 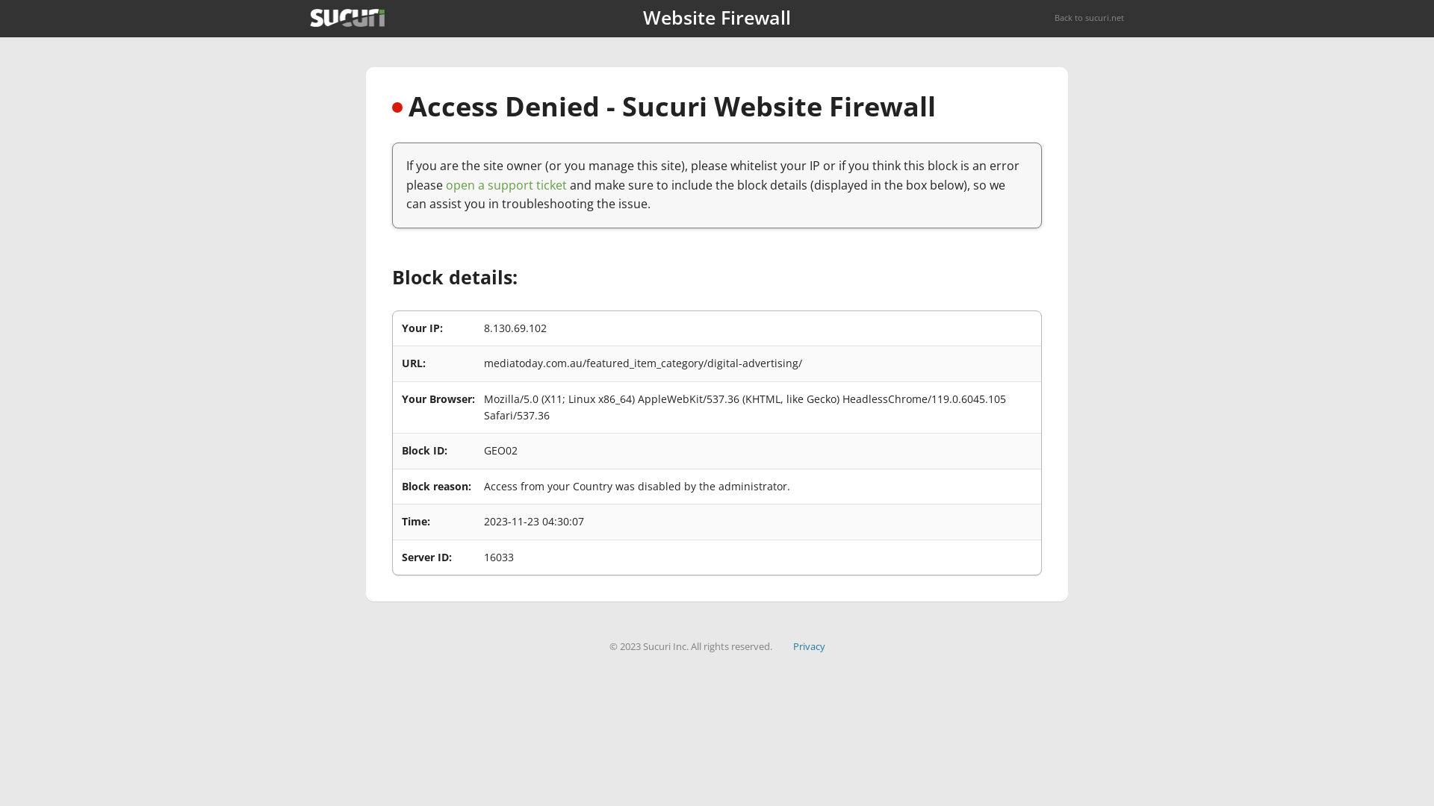 I want to click on 'open a support ticket', so click(x=506, y=184).